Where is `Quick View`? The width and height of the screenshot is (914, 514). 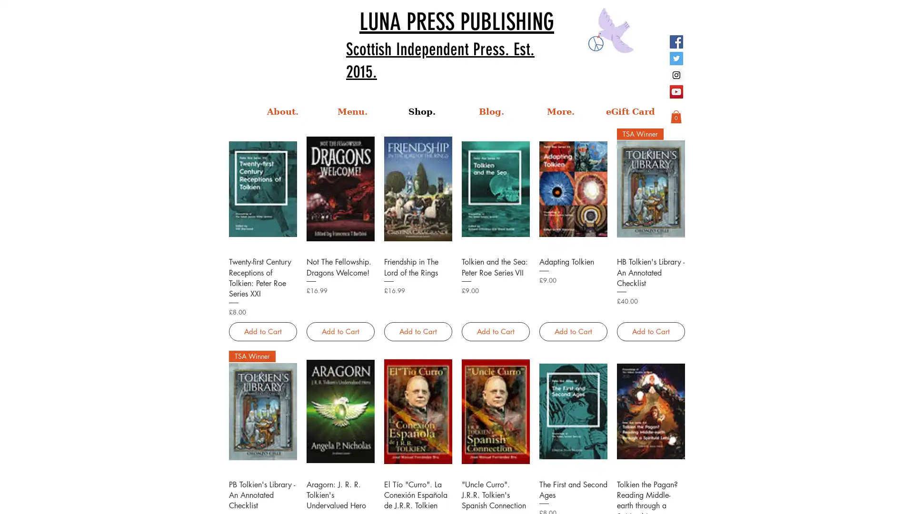 Quick View is located at coordinates (340, 261).